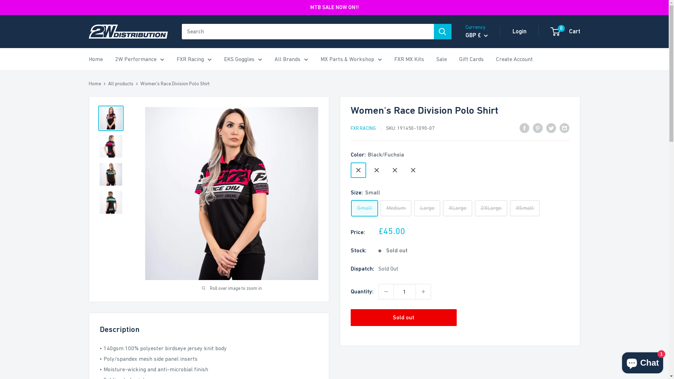  I want to click on 'EKS Goggles', so click(243, 59).